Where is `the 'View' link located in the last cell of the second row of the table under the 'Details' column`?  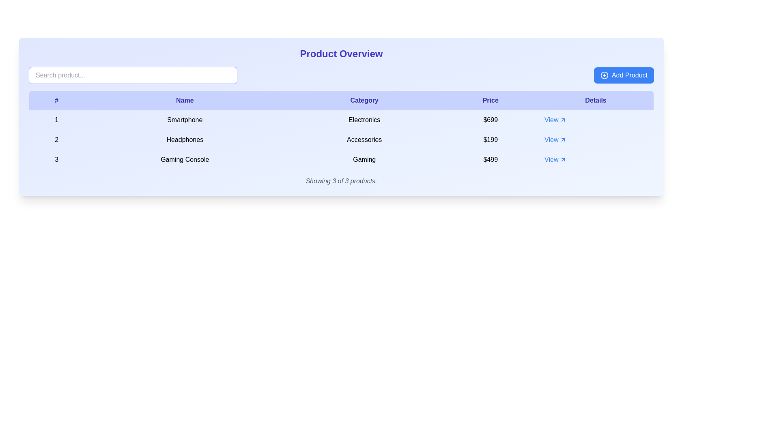 the 'View' link located in the last cell of the second row of the table under the 'Details' column is located at coordinates (596, 139).